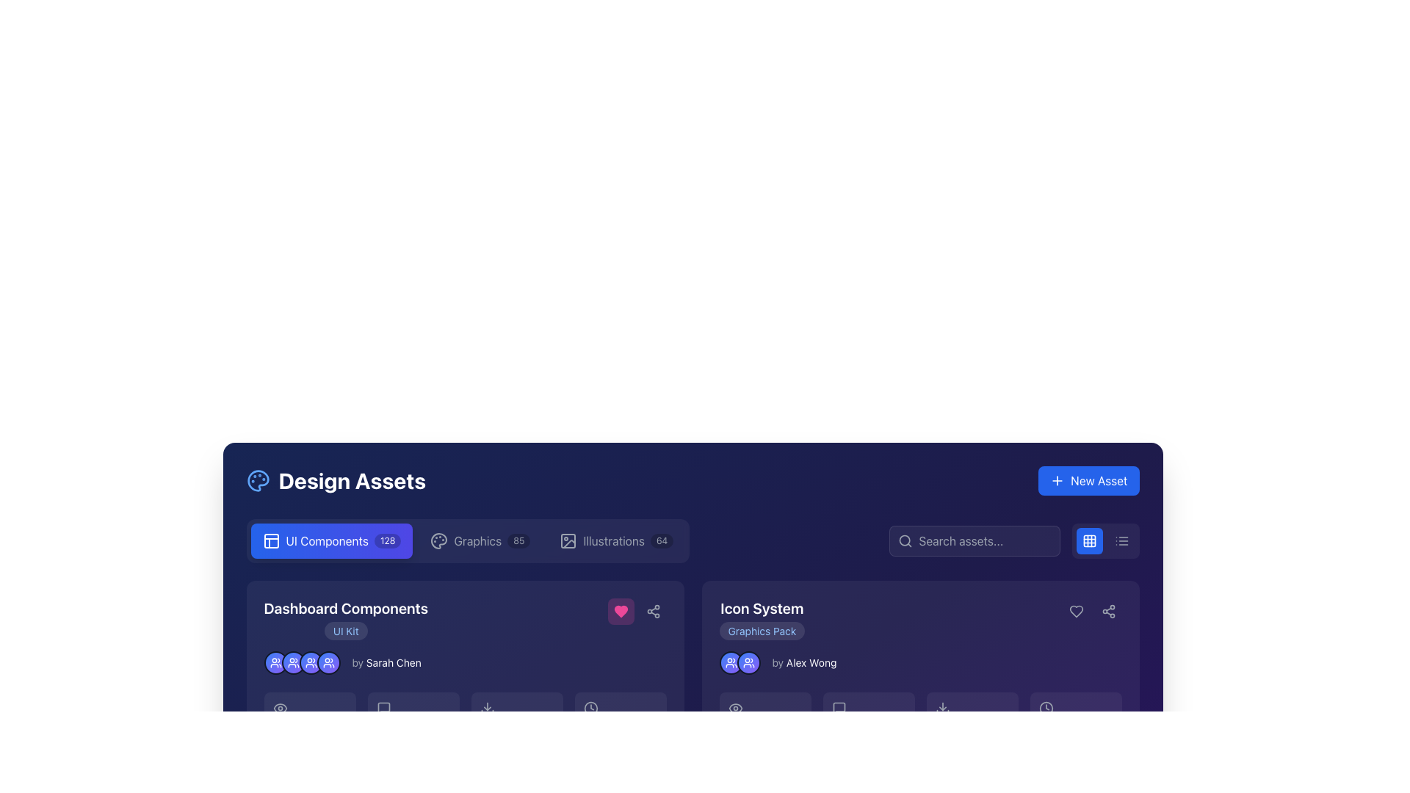  I want to click on the Text Label displaying 'Icon System' and 'Graphics Pack', which is located in the right section of the interface beneath the primary navigation bar, so click(762, 619).